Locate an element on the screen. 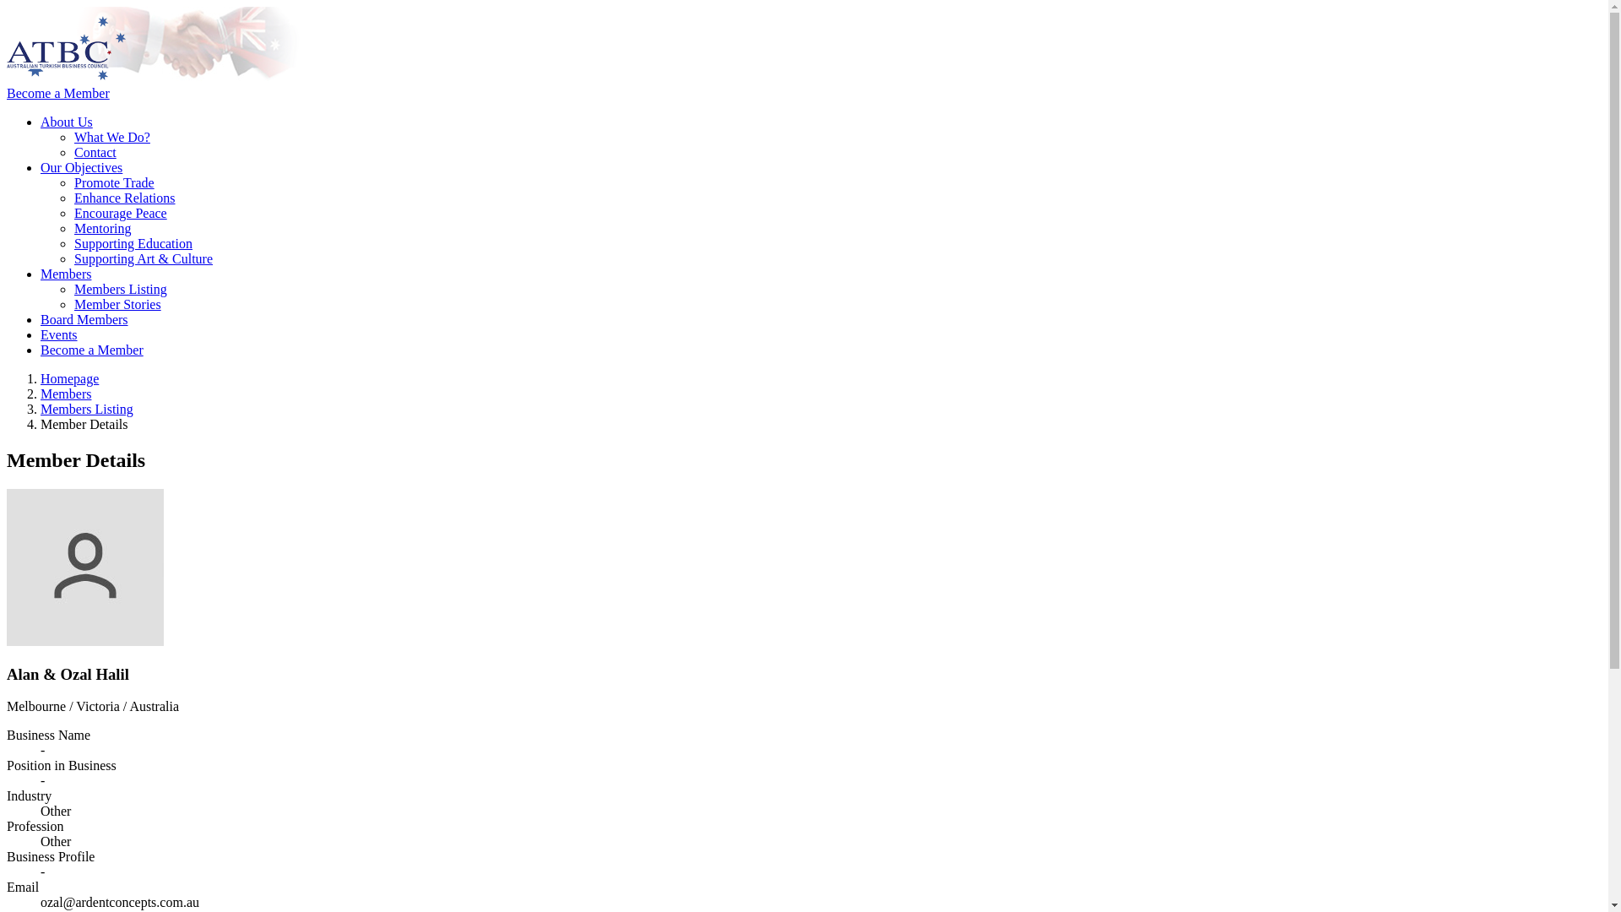 The width and height of the screenshot is (1621, 912). 'Contact' is located at coordinates (95, 152).